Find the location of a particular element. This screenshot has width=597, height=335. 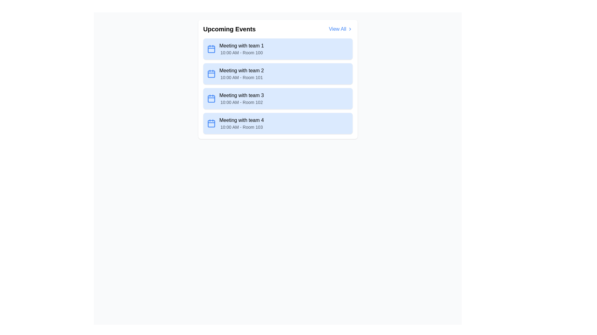

the third list item in the 'Upcoming Events' panel that contains 'Meeting with team 3' and '10:00 AM - Room 102' is located at coordinates (241, 98).